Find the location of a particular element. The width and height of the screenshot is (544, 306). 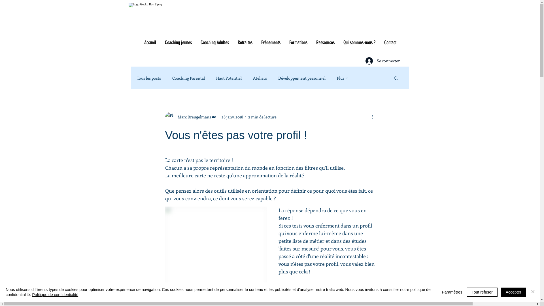

'Ressources' is located at coordinates (325, 42).